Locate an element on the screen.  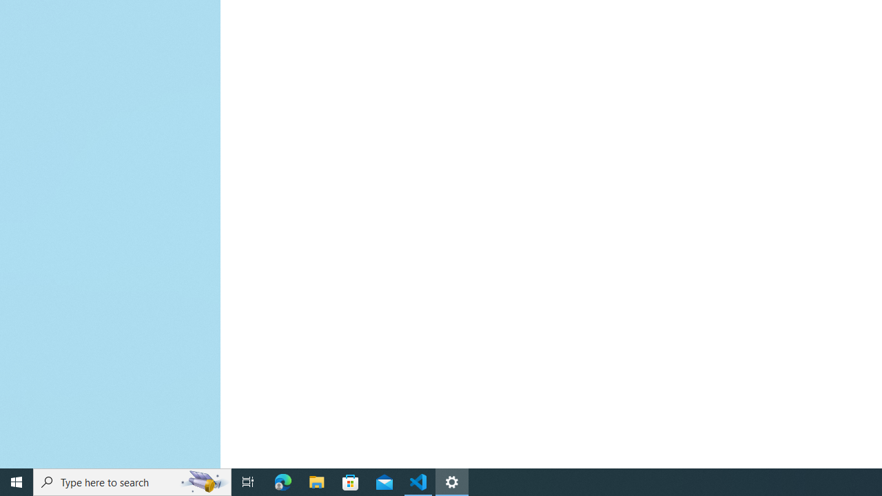
'Visual Studio Code - 1 running window' is located at coordinates (418, 481).